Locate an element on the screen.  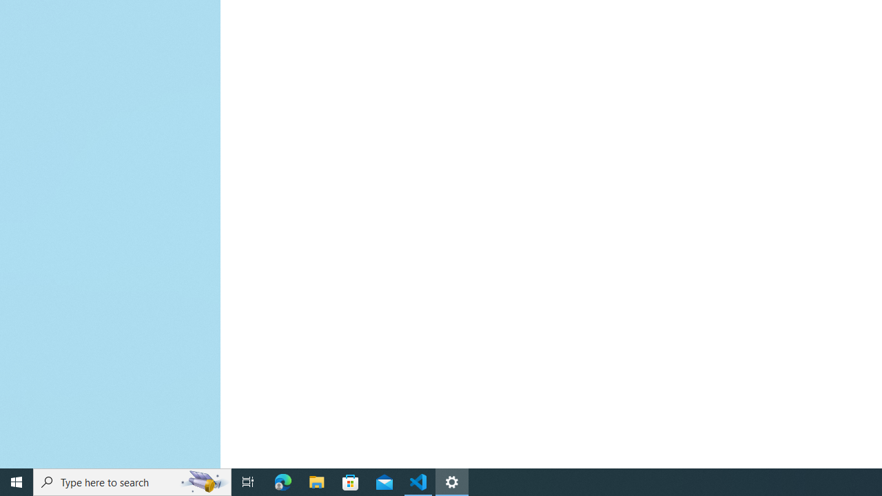
'Visual Studio Code - 1 running window' is located at coordinates (418, 481).